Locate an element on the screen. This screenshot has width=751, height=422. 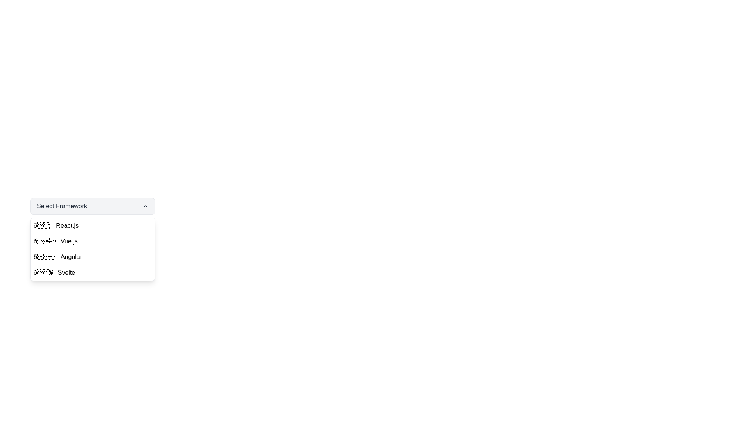
the 'Angular' menu item in the dropdown list is located at coordinates (92, 257).